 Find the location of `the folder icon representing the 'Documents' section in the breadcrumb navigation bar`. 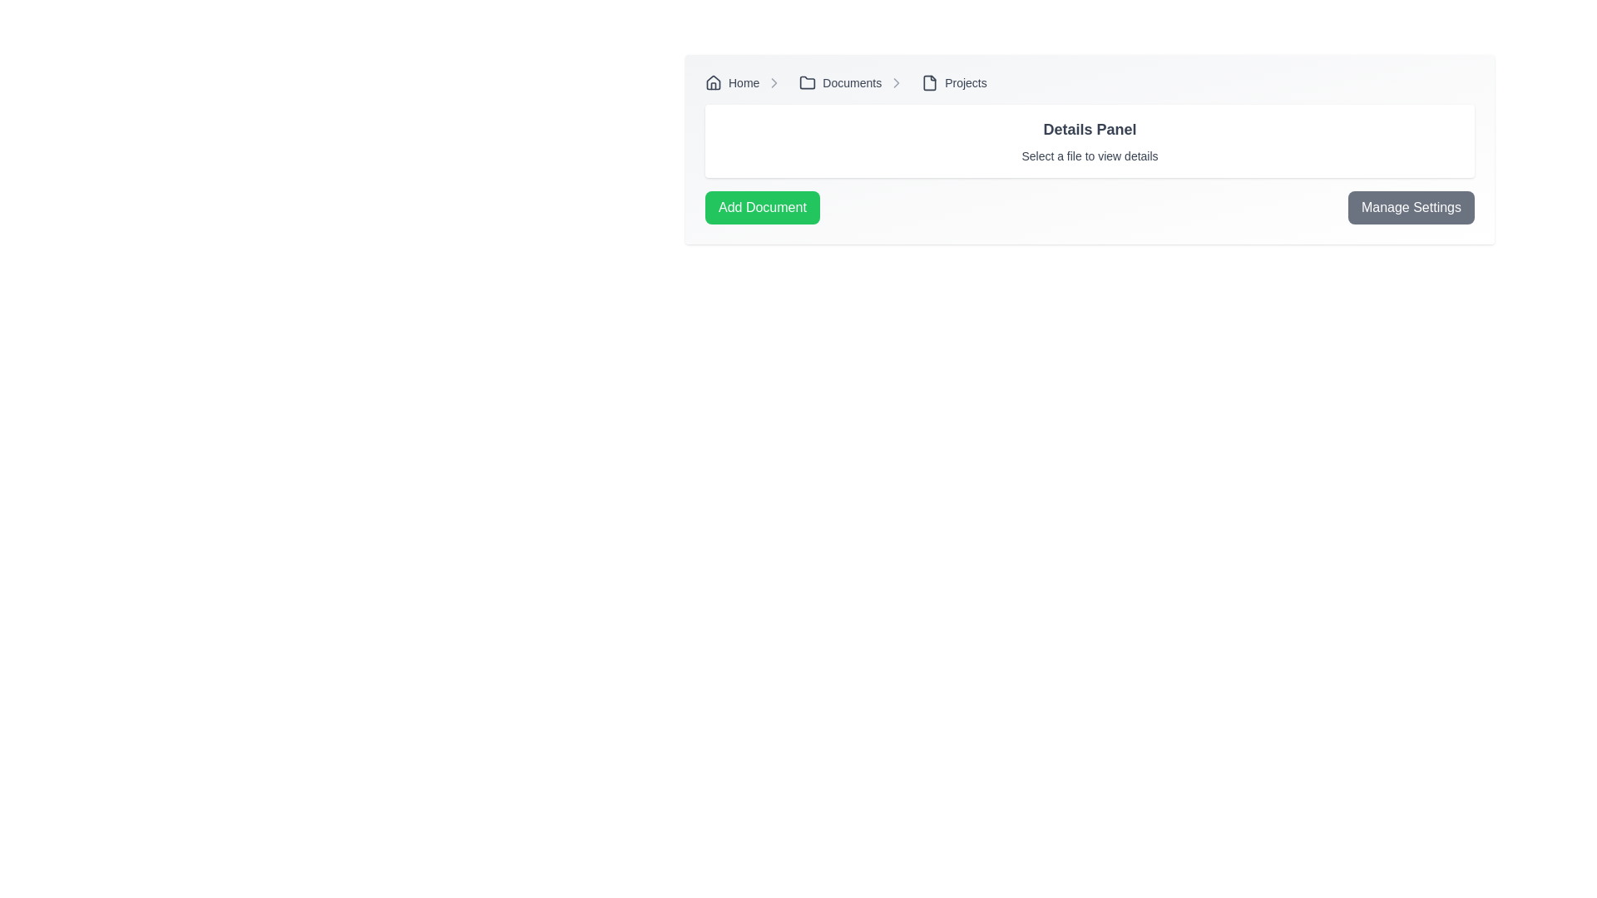

the folder icon representing the 'Documents' section in the breadcrumb navigation bar is located at coordinates (808, 82).